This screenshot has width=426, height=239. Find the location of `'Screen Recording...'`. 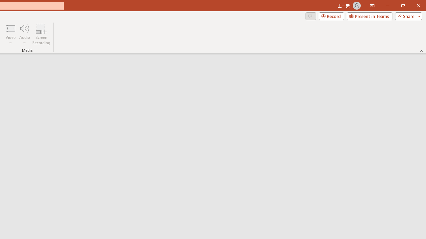

'Screen Recording...' is located at coordinates (41, 34).